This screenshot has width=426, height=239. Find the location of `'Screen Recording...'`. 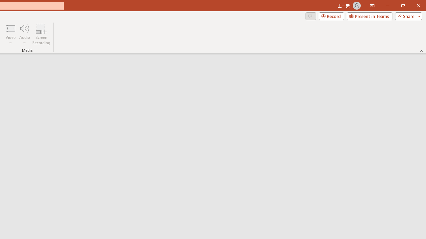

'Screen Recording...' is located at coordinates (41, 34).